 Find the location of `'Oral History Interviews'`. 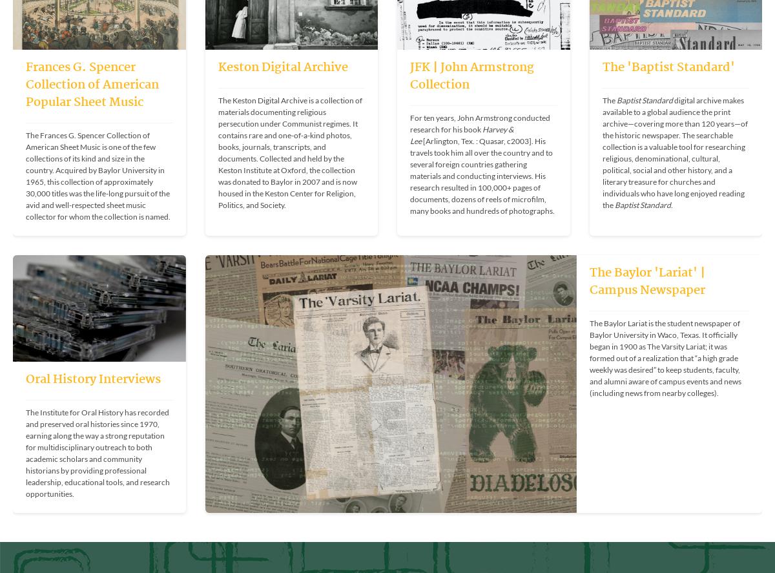

'Oral History Interviews' is located at coordinates (93, 379).